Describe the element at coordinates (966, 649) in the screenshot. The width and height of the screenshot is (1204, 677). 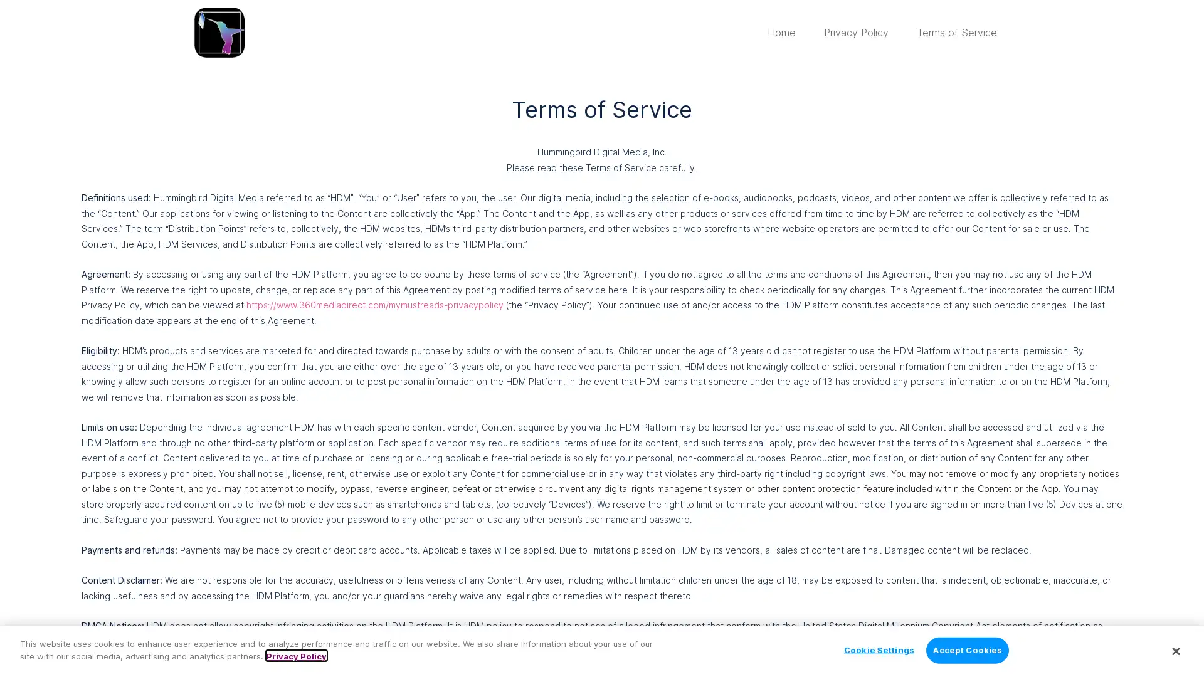
I see `Accept Cookies` at that location.